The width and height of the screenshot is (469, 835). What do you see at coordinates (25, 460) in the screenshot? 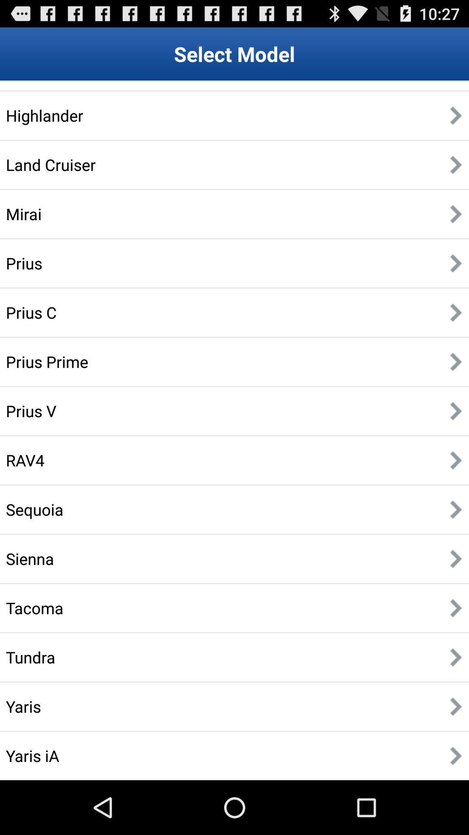
I see `the icon below the prius v item` at bounding box center [25, 460].